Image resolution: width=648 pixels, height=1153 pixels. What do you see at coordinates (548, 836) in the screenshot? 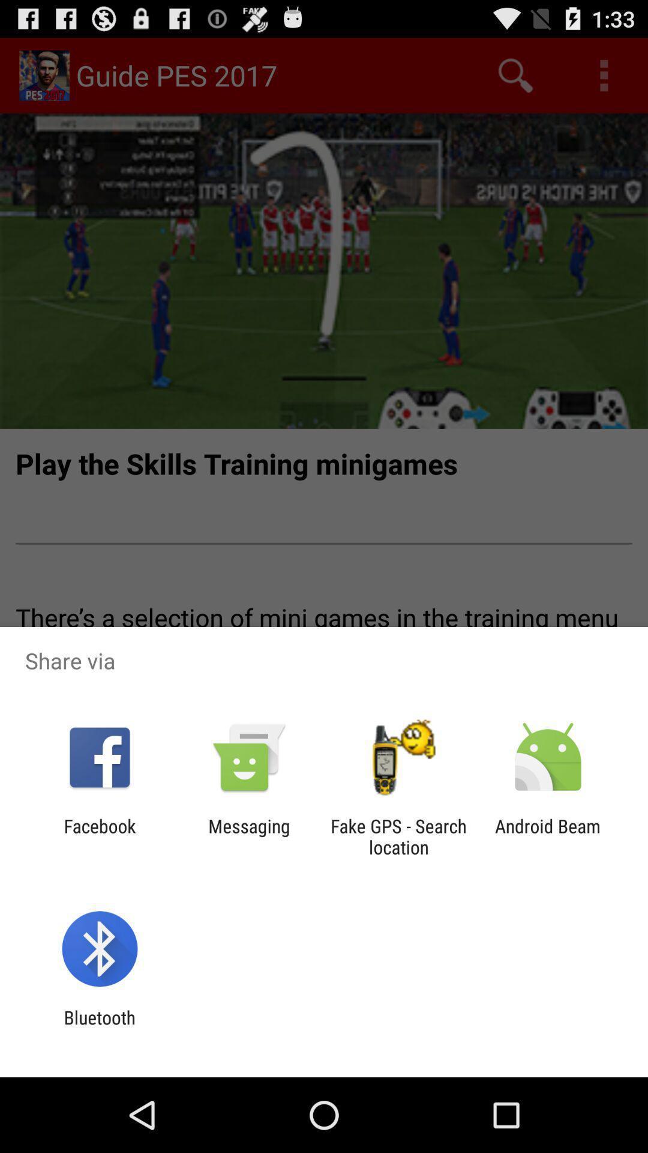
I see `android beam` at bounding box center [548, 836].